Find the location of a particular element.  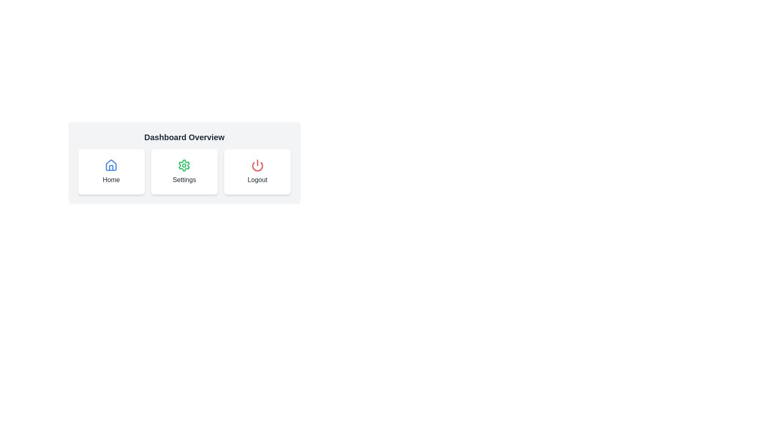

header or title text that labels the current view of the dashboard section, located at the top of the card-like component is located at coordinates (184, 137).